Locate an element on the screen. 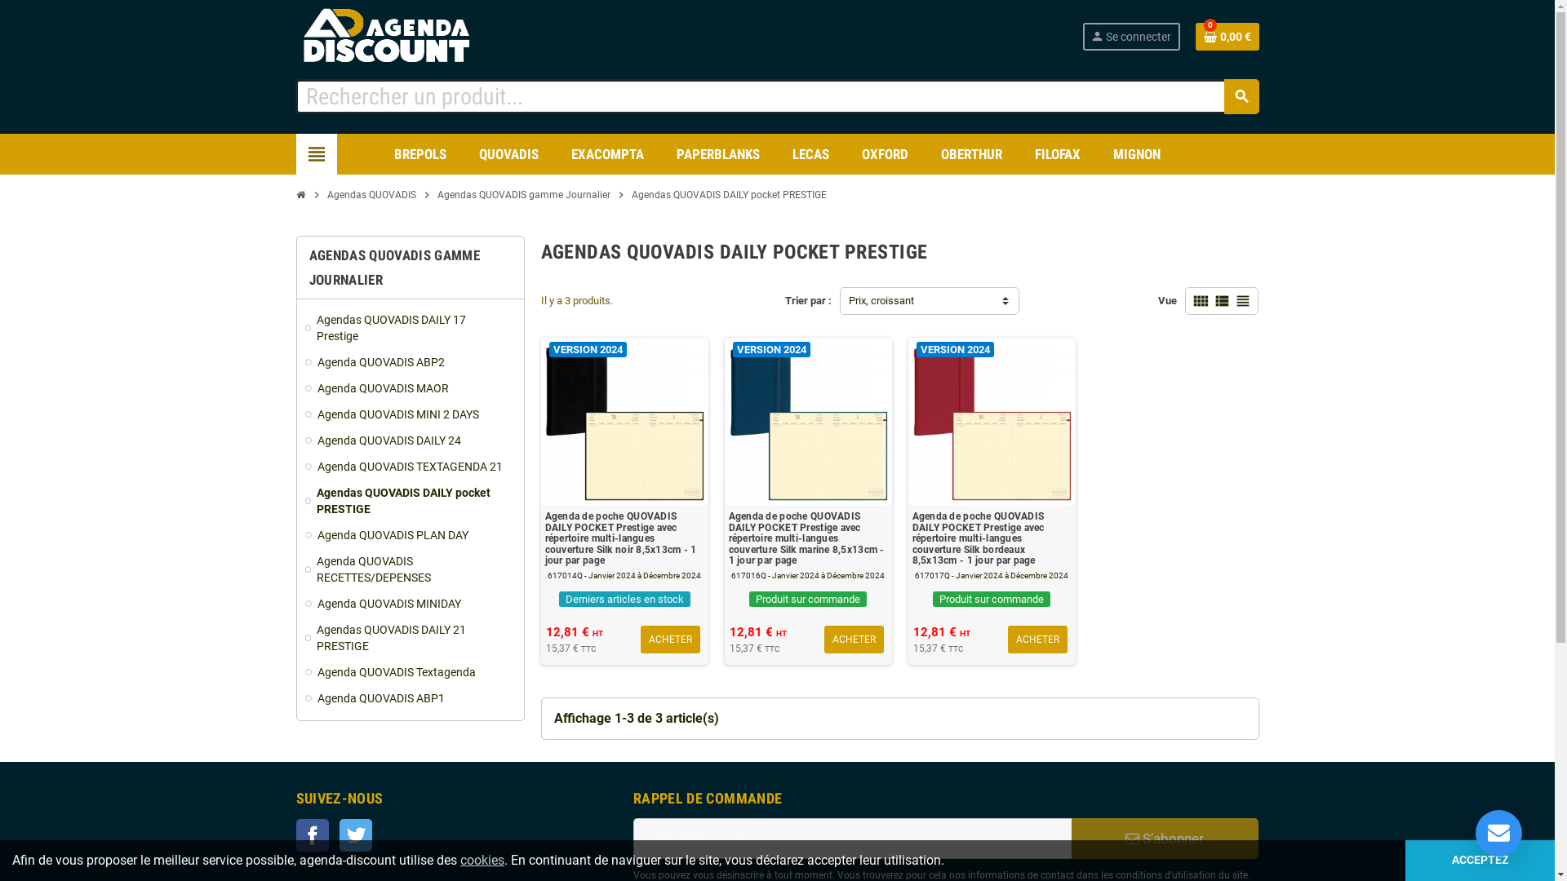 The image size is (1567, 881). 'Agendas QUOVADIS' is located at coordinates (371, 194).